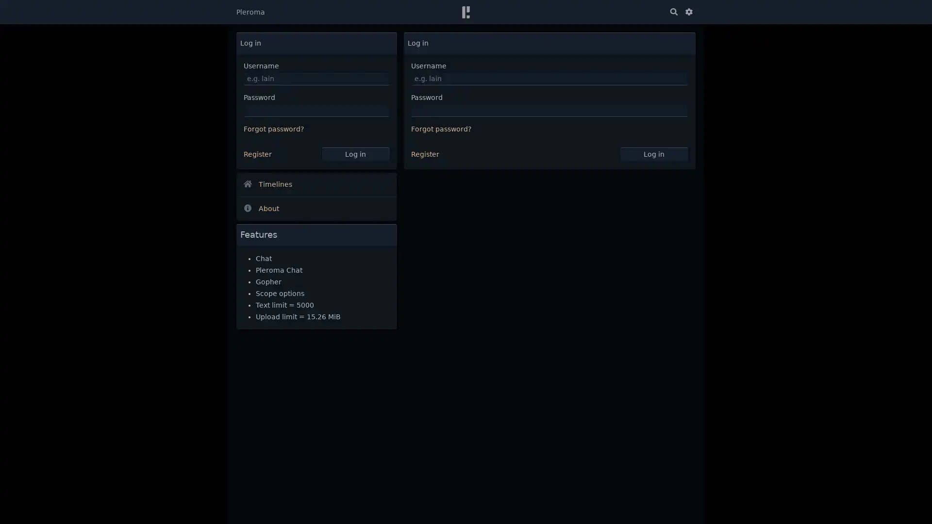 The image size is (932, 524). I want to click on Log in, so click(654, 153).